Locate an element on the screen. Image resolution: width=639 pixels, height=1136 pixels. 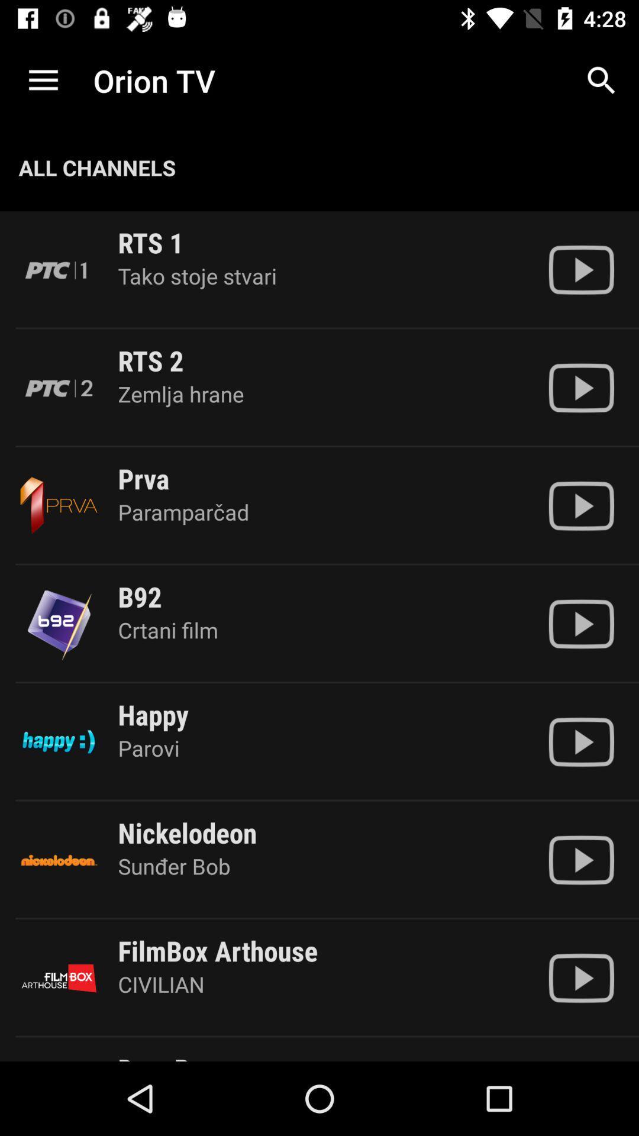
the icon above all channels is located at coordinates (43, 80).